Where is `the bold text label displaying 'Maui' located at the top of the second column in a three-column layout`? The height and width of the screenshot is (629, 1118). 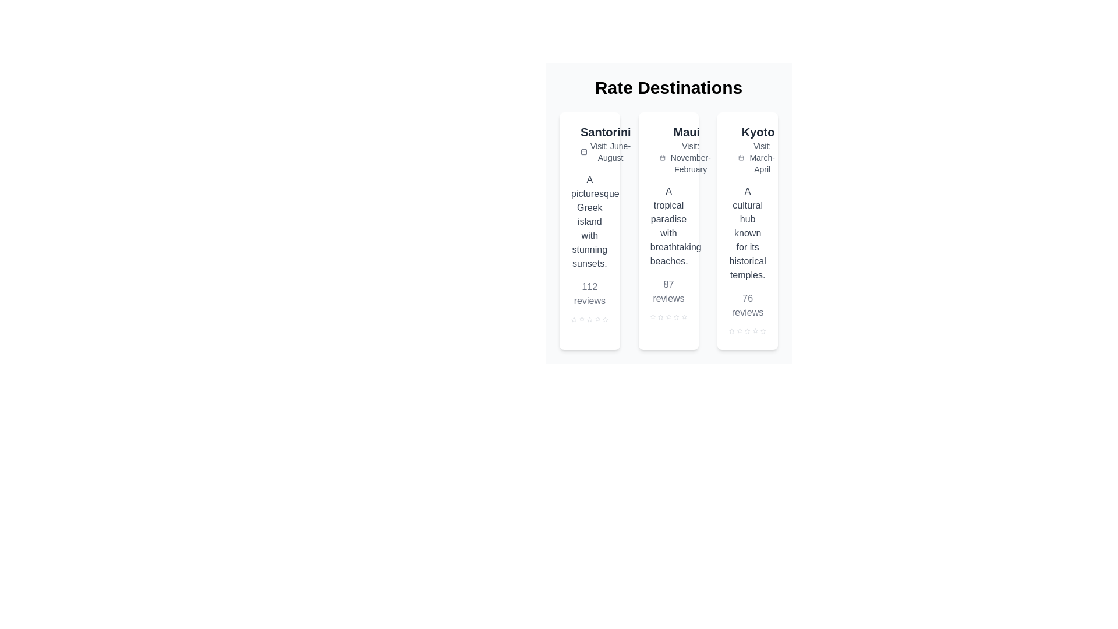
the bold text label displaying 'Maui' located at the top of the second column in a three-column layout is located at coordinates (687, 132).